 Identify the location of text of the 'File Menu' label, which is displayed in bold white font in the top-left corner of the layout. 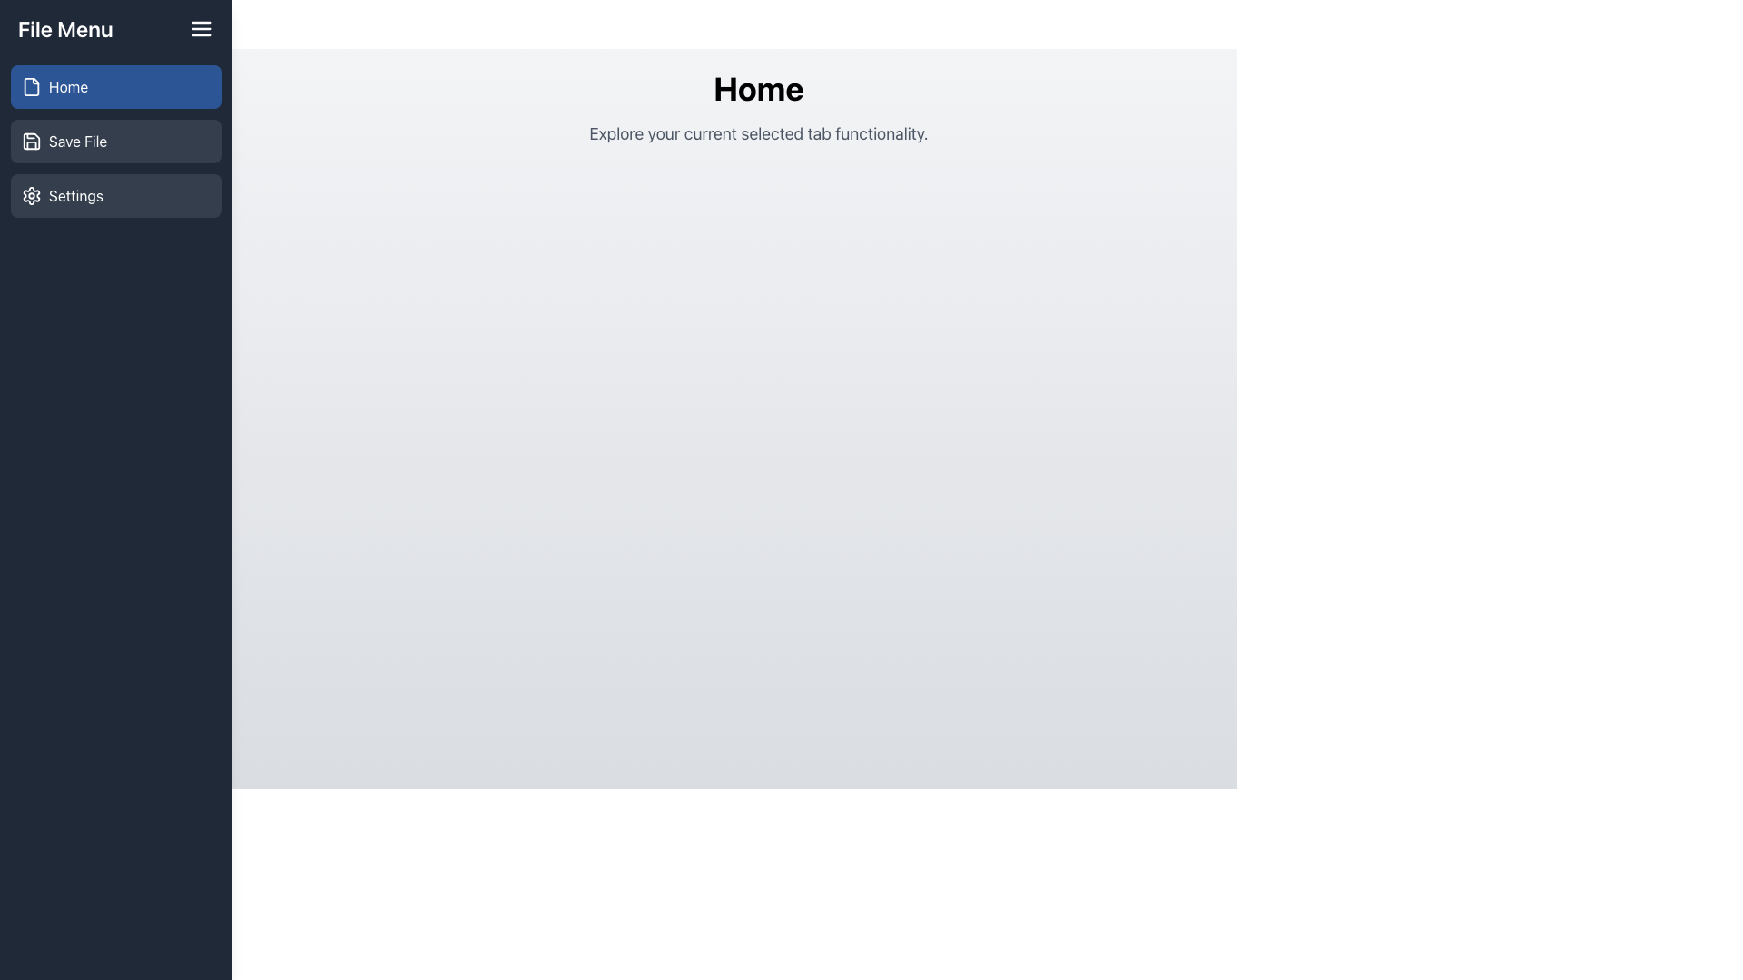
(65, 28).